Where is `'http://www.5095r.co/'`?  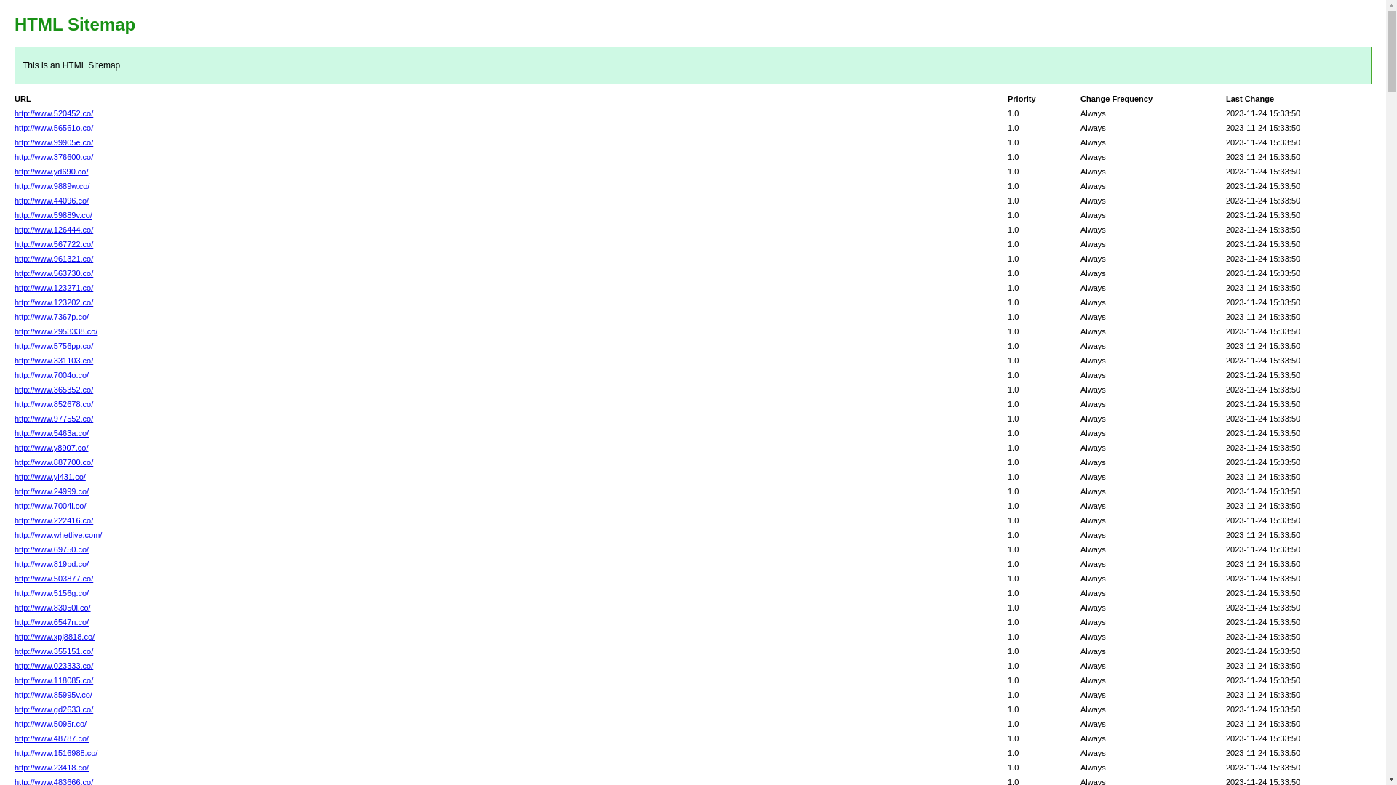
'http://www.5095r.co/' is located at coordinates (50, 723).